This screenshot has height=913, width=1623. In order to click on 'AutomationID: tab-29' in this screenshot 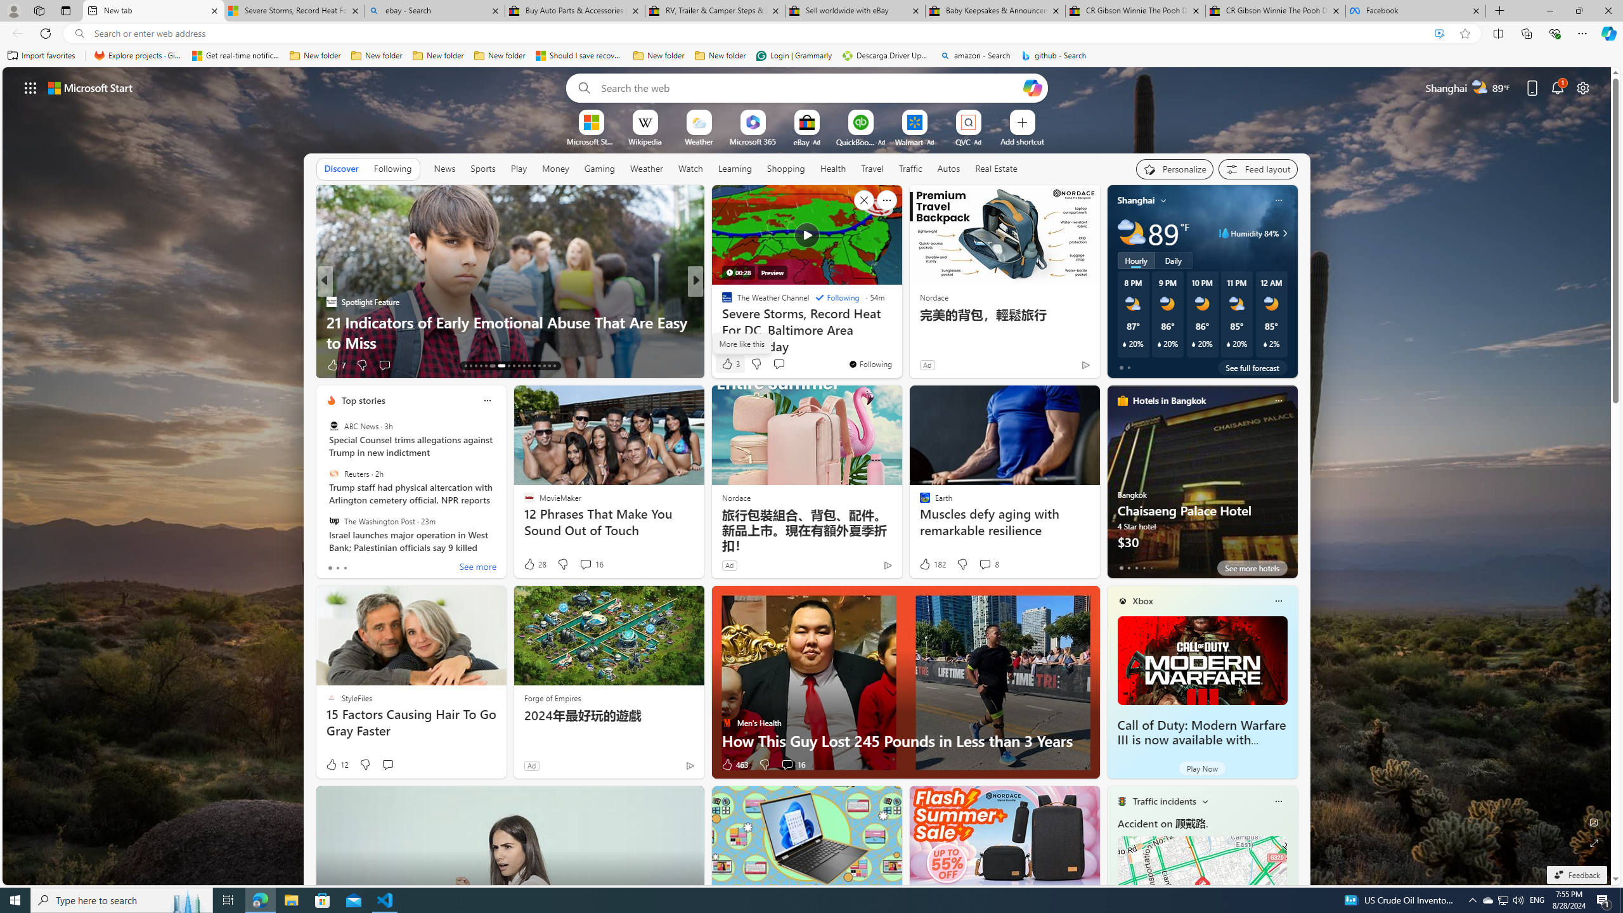, I will do `click(553, 366)`.